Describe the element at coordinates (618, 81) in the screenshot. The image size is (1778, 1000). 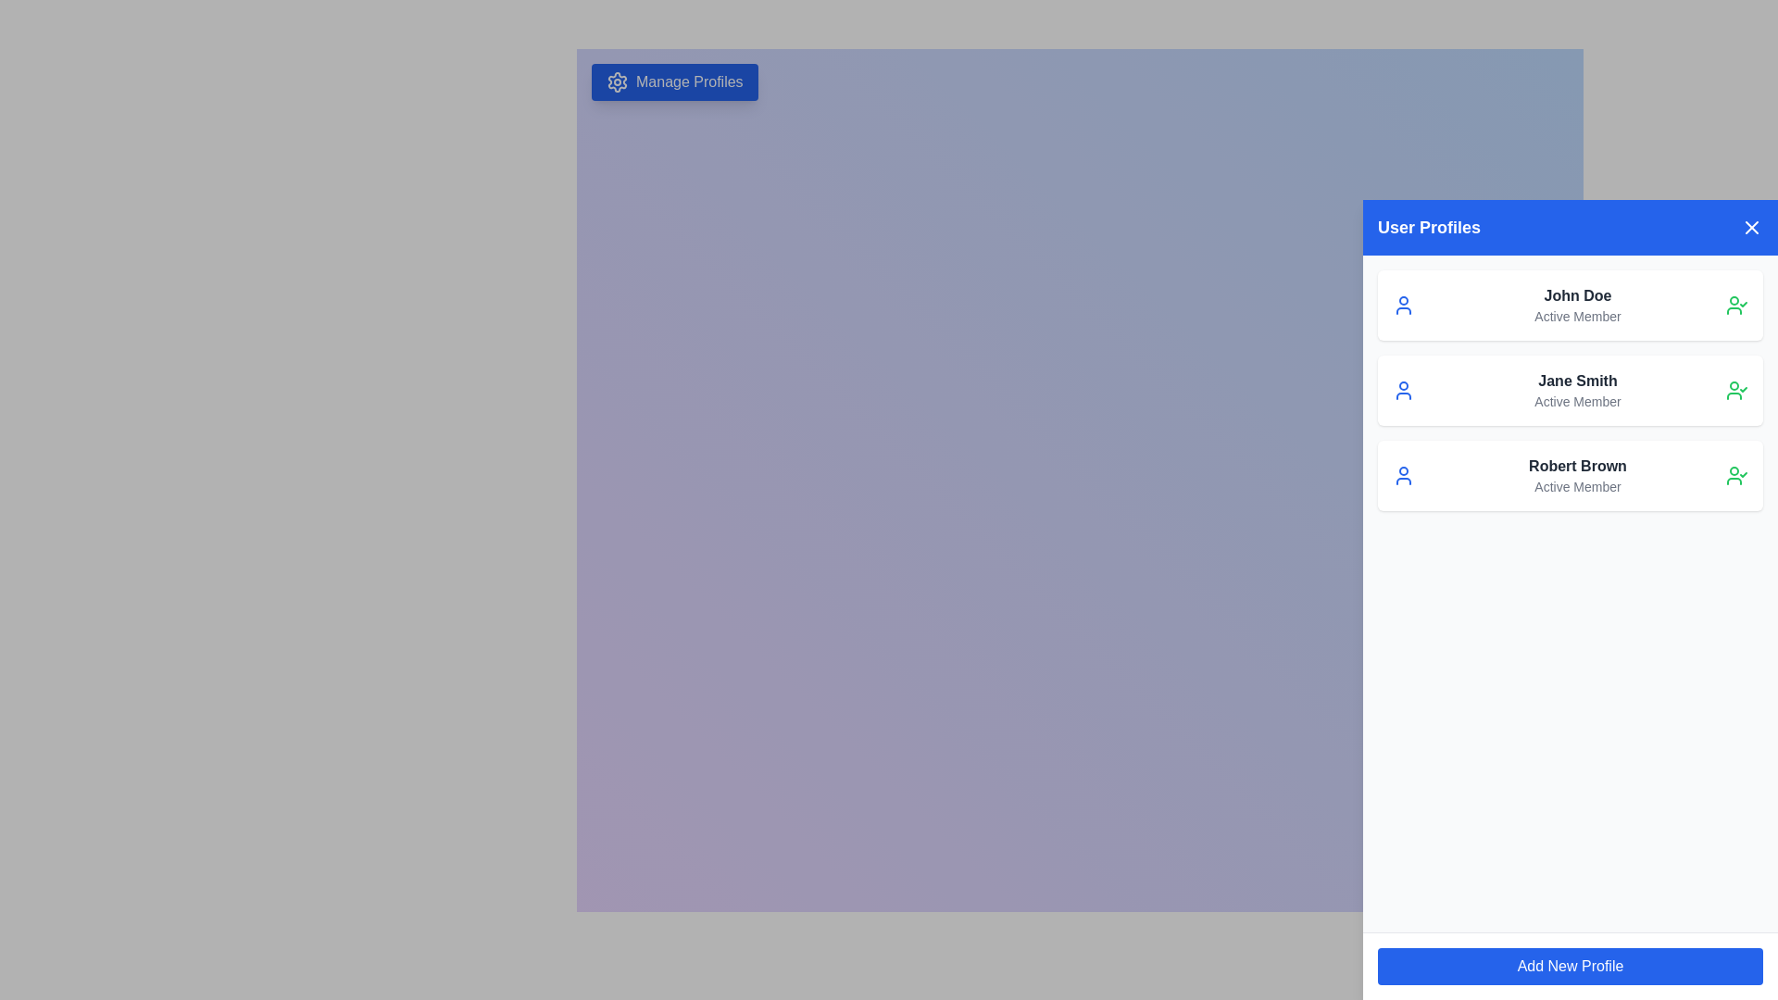
I see `the gear icon located within the 'Manage Profiles' button, which serves as a visual indicator for navigation or interaction related to settings or management tasks` at that location.